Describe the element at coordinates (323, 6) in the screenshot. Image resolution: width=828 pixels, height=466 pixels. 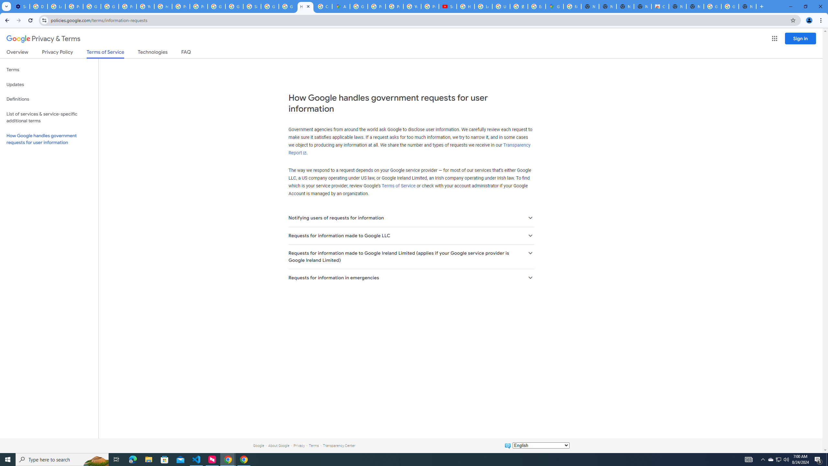
I see `'Create your Google Account'` at that location.